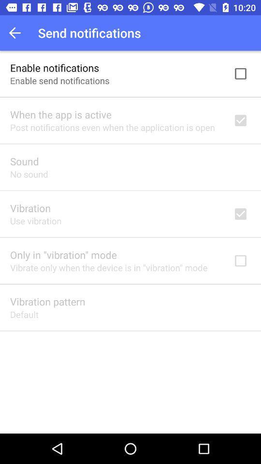 The width and height of the screenshot is (261, 464). What do you see at coordinates (29, 174) in the screenshot?
I see `icon above the vibration app` at bounding box center [29, 174].